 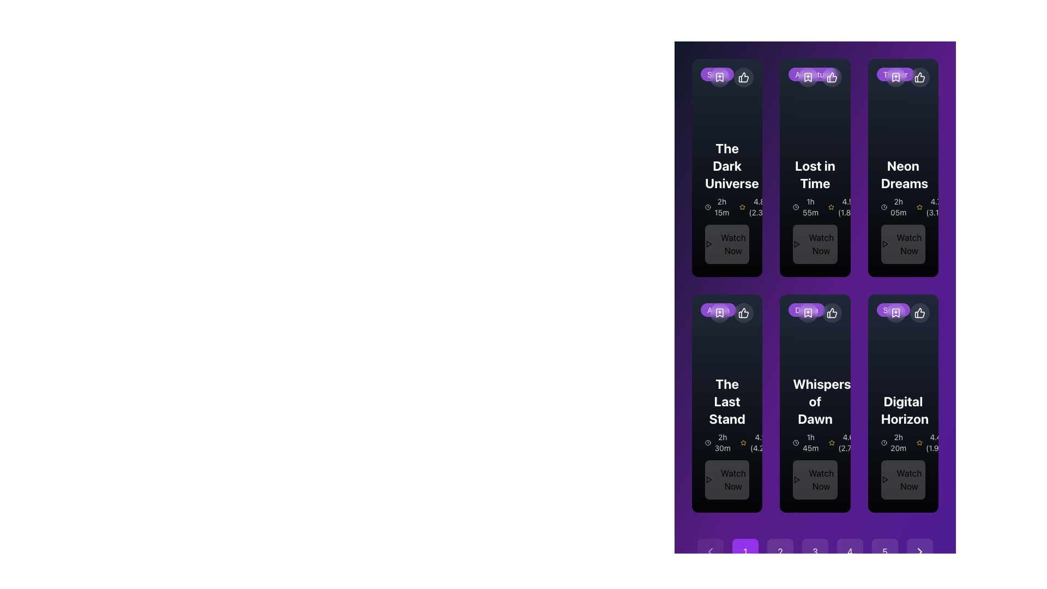 I want to click on the third star icon in the numeric rating display of the first movie card titled 'The Dark Universe', positioned immediately to the right of the numeric text '4.8', so click(x=742, y=207).